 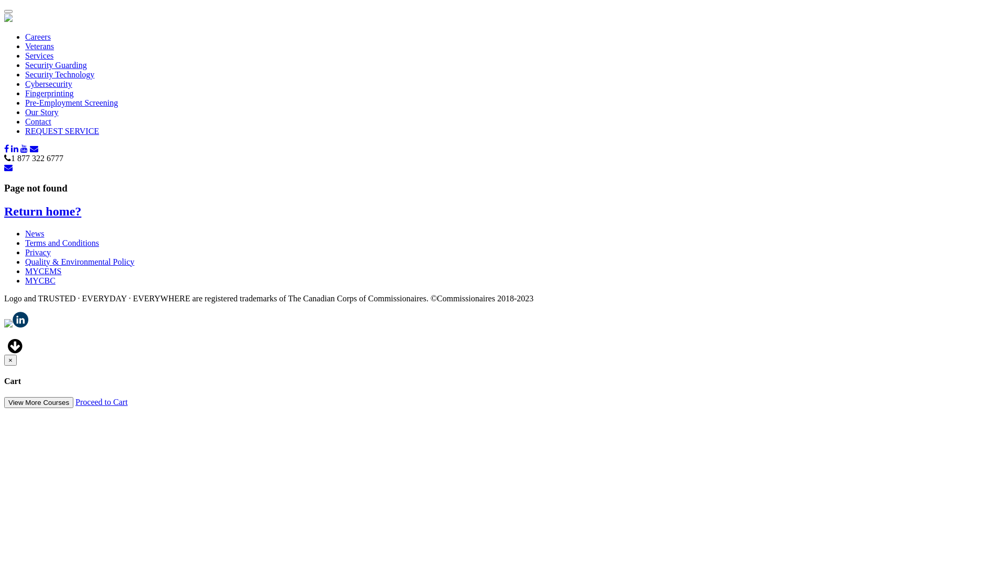 What do you see at coordinates (38, 252) in the screenshot?
I see `'Privacy'` at bounding box center [38, 252].